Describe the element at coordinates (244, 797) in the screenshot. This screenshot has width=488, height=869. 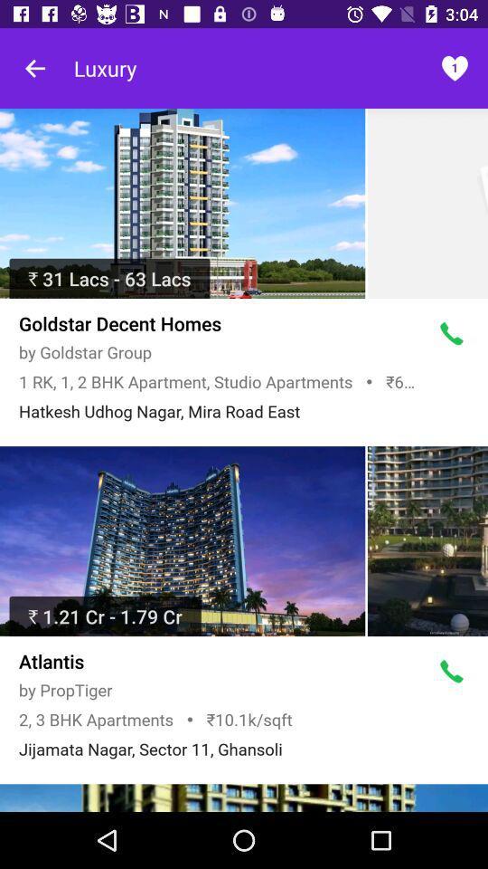
I see `link to more images` at that location.